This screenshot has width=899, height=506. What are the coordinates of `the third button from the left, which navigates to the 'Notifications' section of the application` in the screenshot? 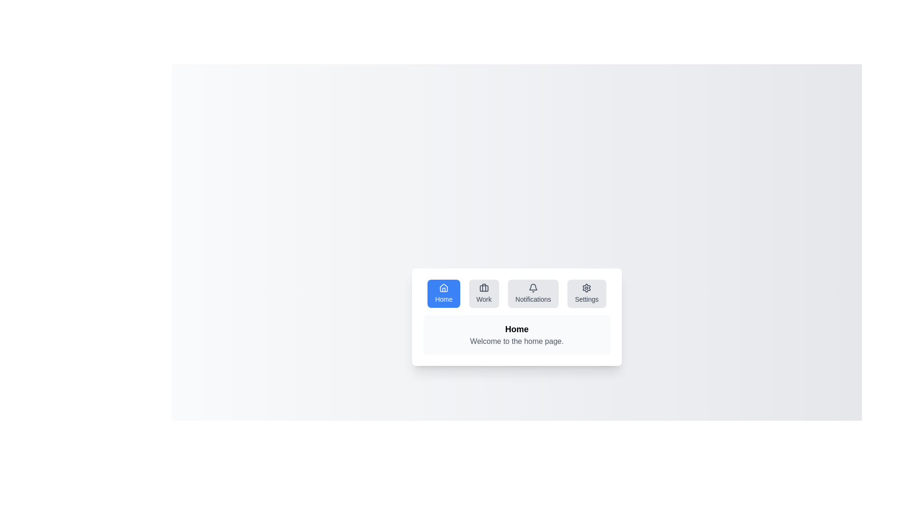 It's located at (533, 293).